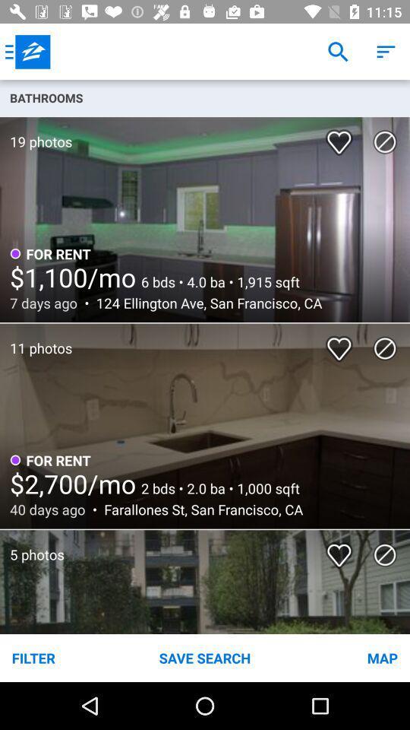  I want to click on the icon to the right of the 40 days ago icon, so click(199, 509).